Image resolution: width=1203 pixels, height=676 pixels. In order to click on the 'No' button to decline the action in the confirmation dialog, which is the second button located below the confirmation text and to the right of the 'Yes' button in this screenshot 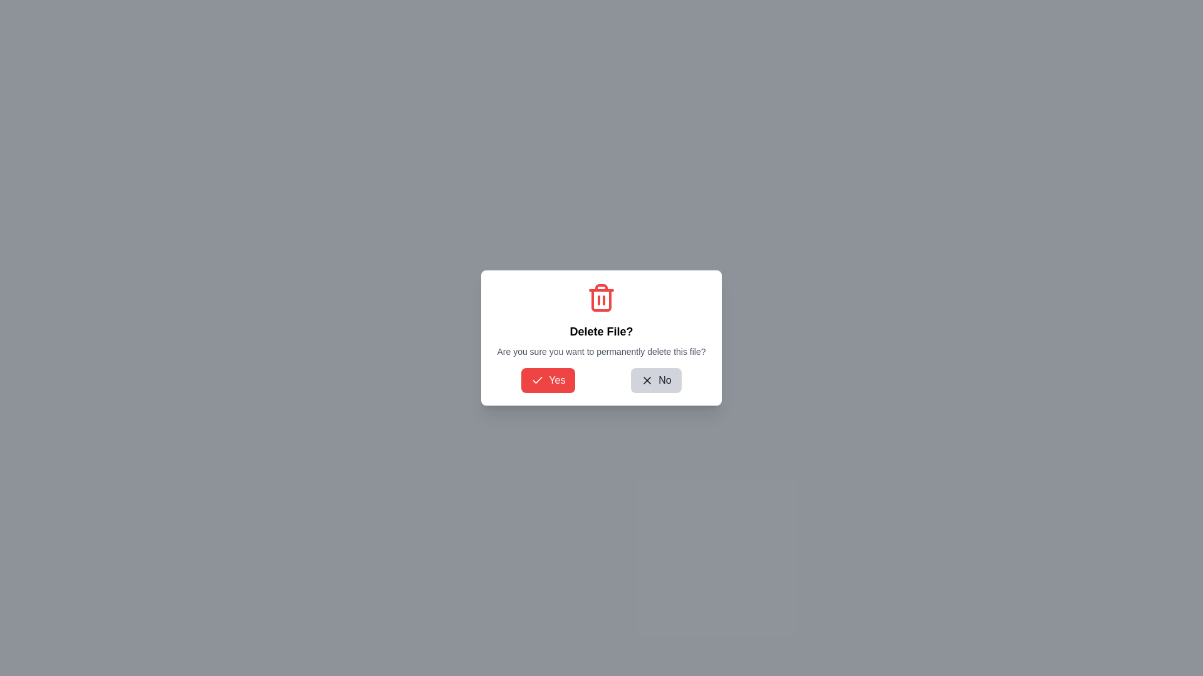, I will do `click(655, 380)`.